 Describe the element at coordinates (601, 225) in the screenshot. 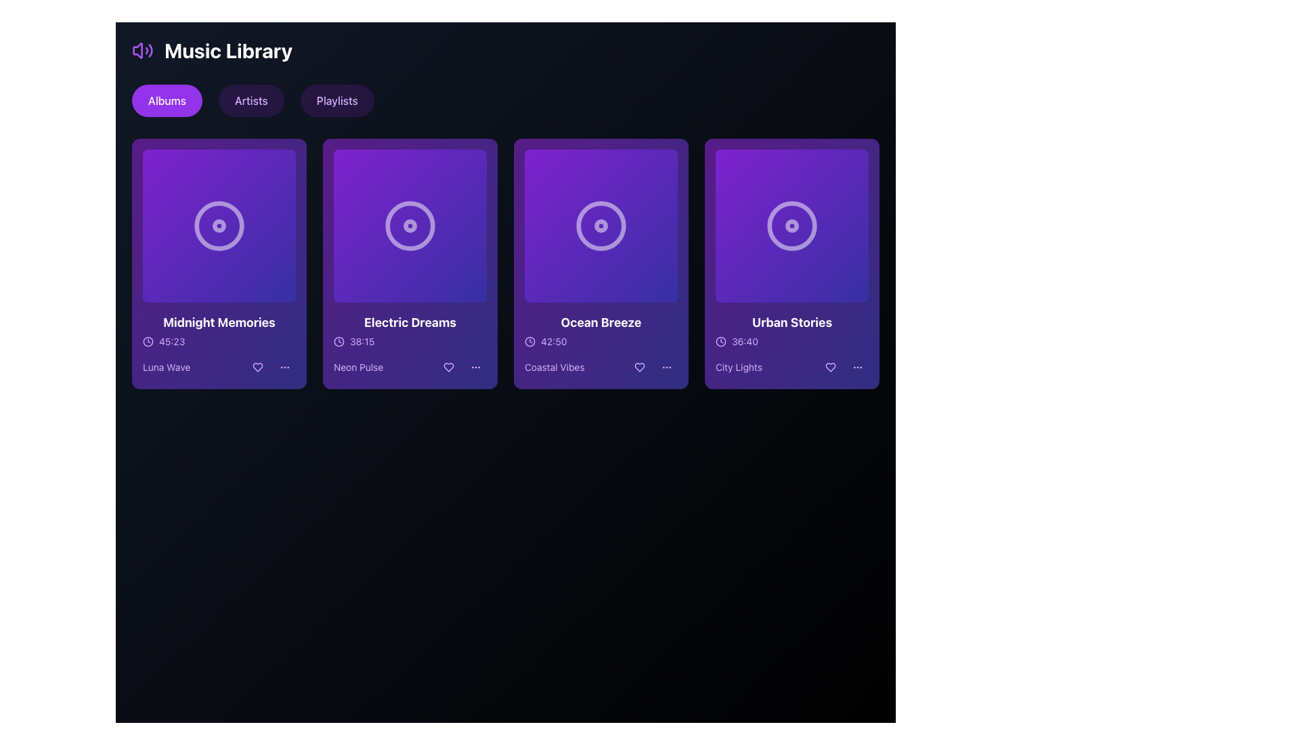

I see `the thumbnail of the 'Ocean Breeze' music card, which is the topmost segment of the card located in the middle row of the grid, positioned third from the left` at that location.